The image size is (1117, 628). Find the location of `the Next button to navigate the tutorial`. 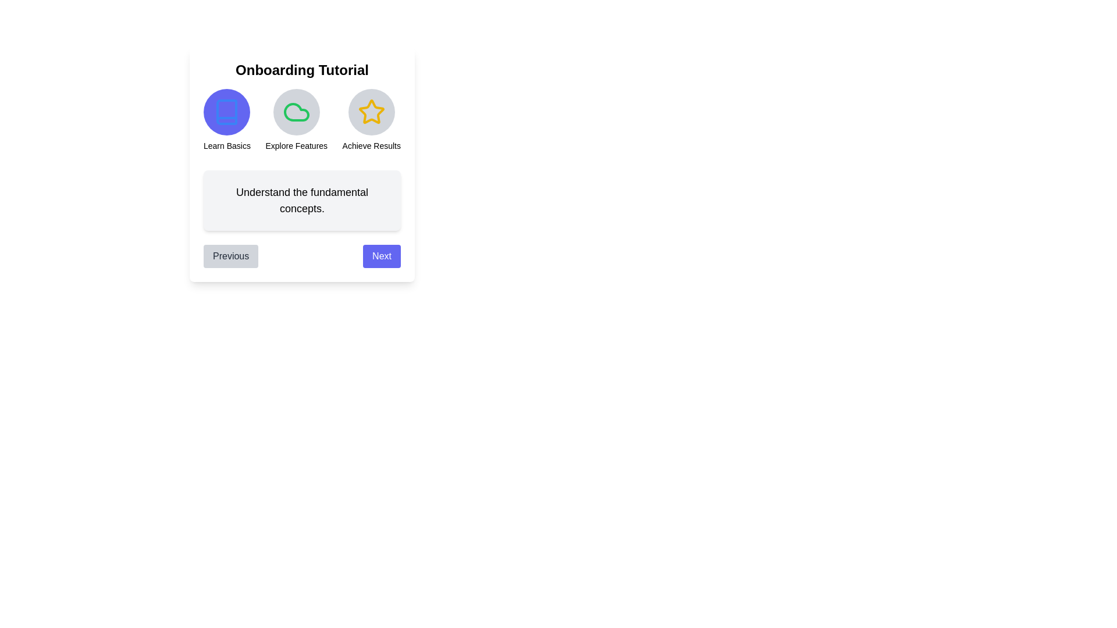

the Next button to navigate the tutorial is located at coordinates (382, 255).